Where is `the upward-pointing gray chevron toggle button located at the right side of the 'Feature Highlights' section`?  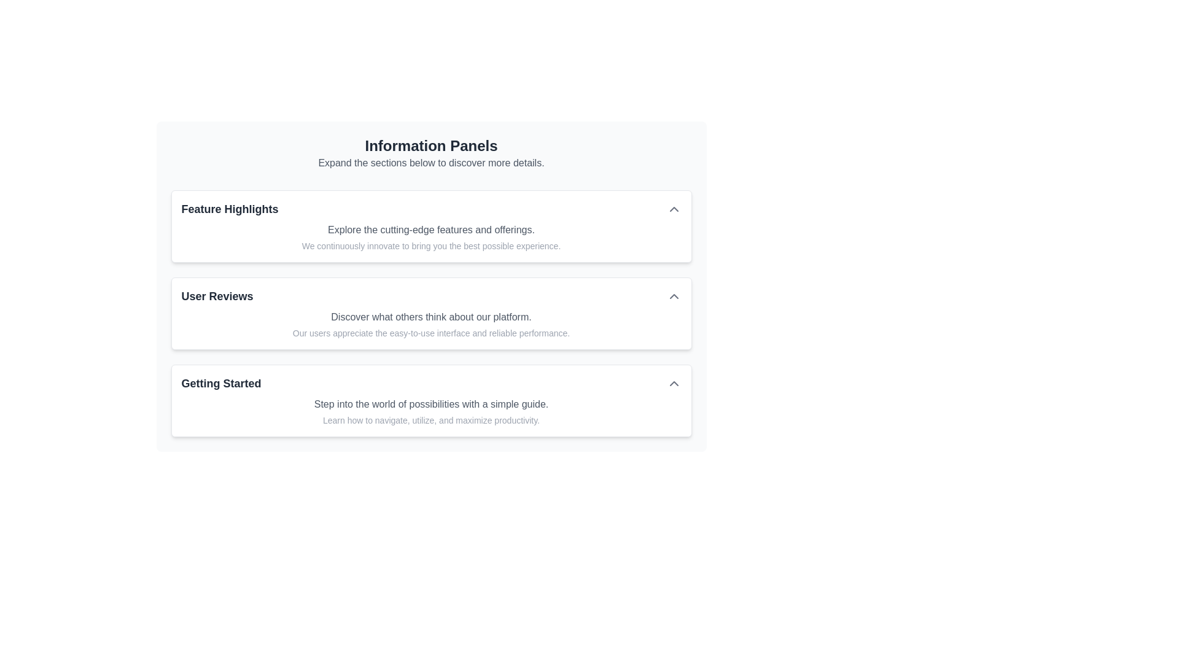 the upward-pointing gray chevron toggle button located at the right side of the 'Feature Highlights' section is located at coordinates (673, 208).